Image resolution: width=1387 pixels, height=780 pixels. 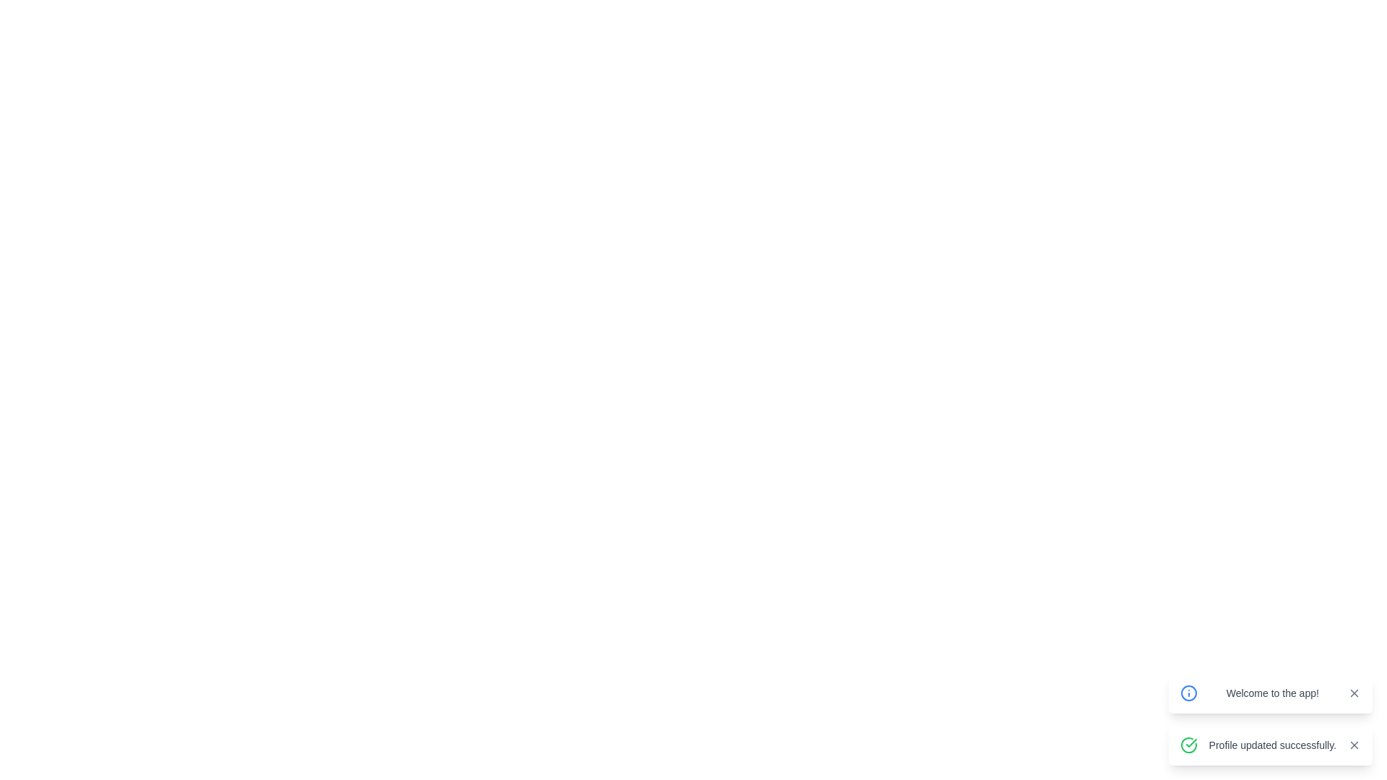 I want to click on the green checkmark symbol indicating a successful action, located in the bottom-right corner of the interface adjacent to the 'Profile updated successfully' banner, so click(x=1191, y=743).